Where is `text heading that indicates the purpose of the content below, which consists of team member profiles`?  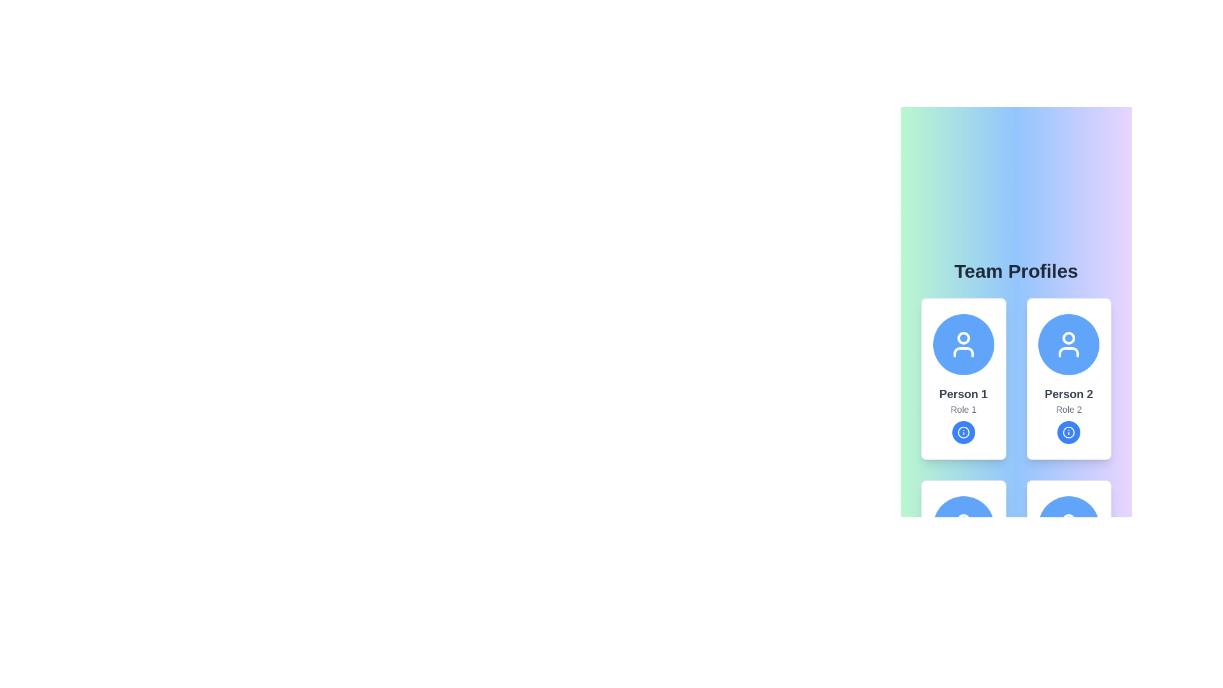 text heading that indicates the purpose of the content below, which consists of team member profiles is located at coordinates (1015, 270).